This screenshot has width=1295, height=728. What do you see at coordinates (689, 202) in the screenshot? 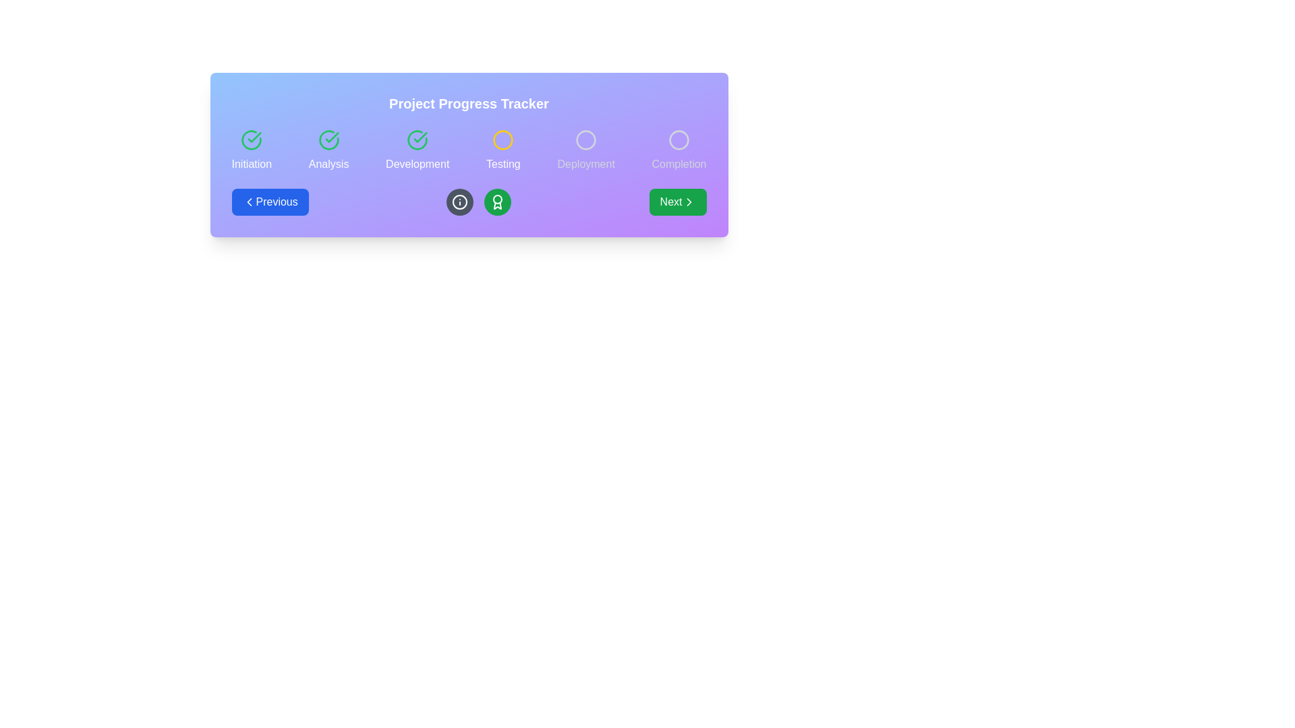
I see `the visual style of the small right-facing chevron icon within the 'Next' button located at the bottom-right corner of the interface` at bounding box center [689, 202].